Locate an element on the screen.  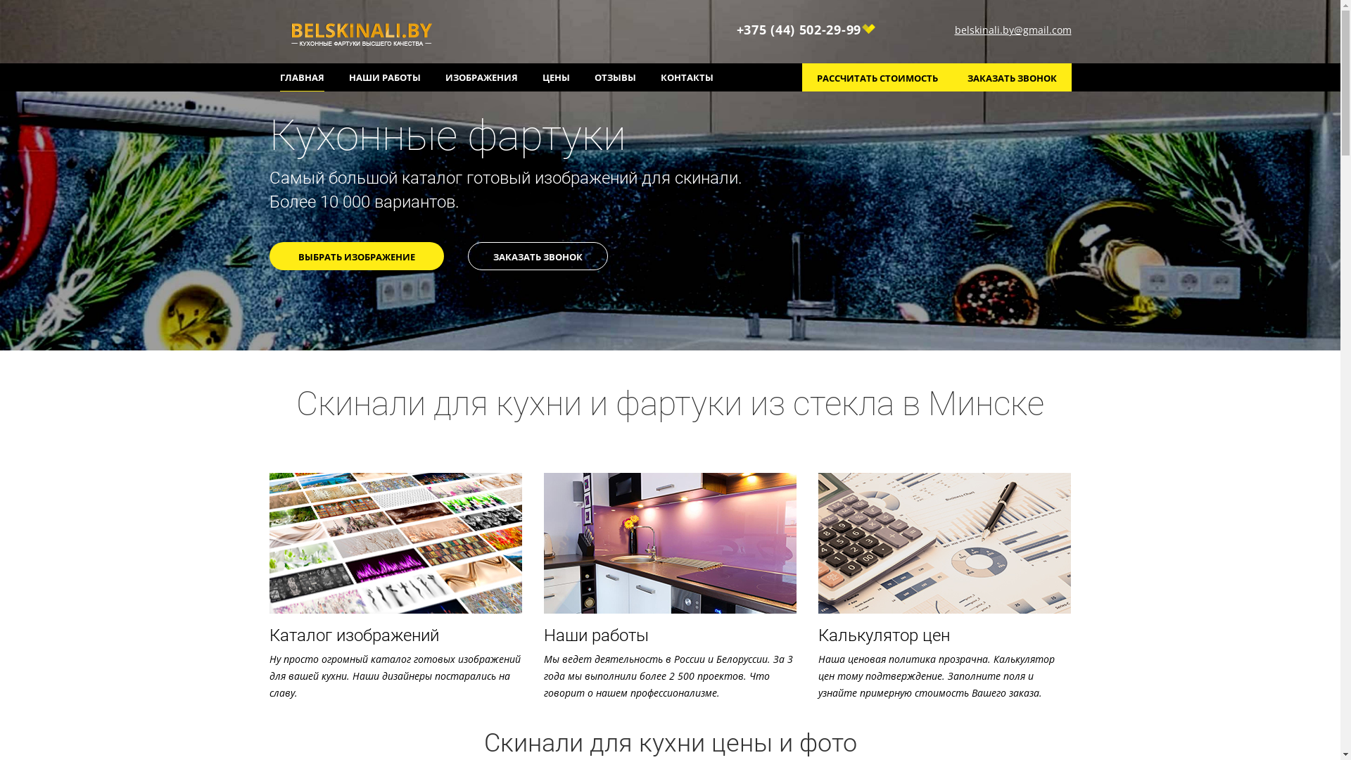
'+375 (44) 502-29-99' is located at coordinates (806, 30).